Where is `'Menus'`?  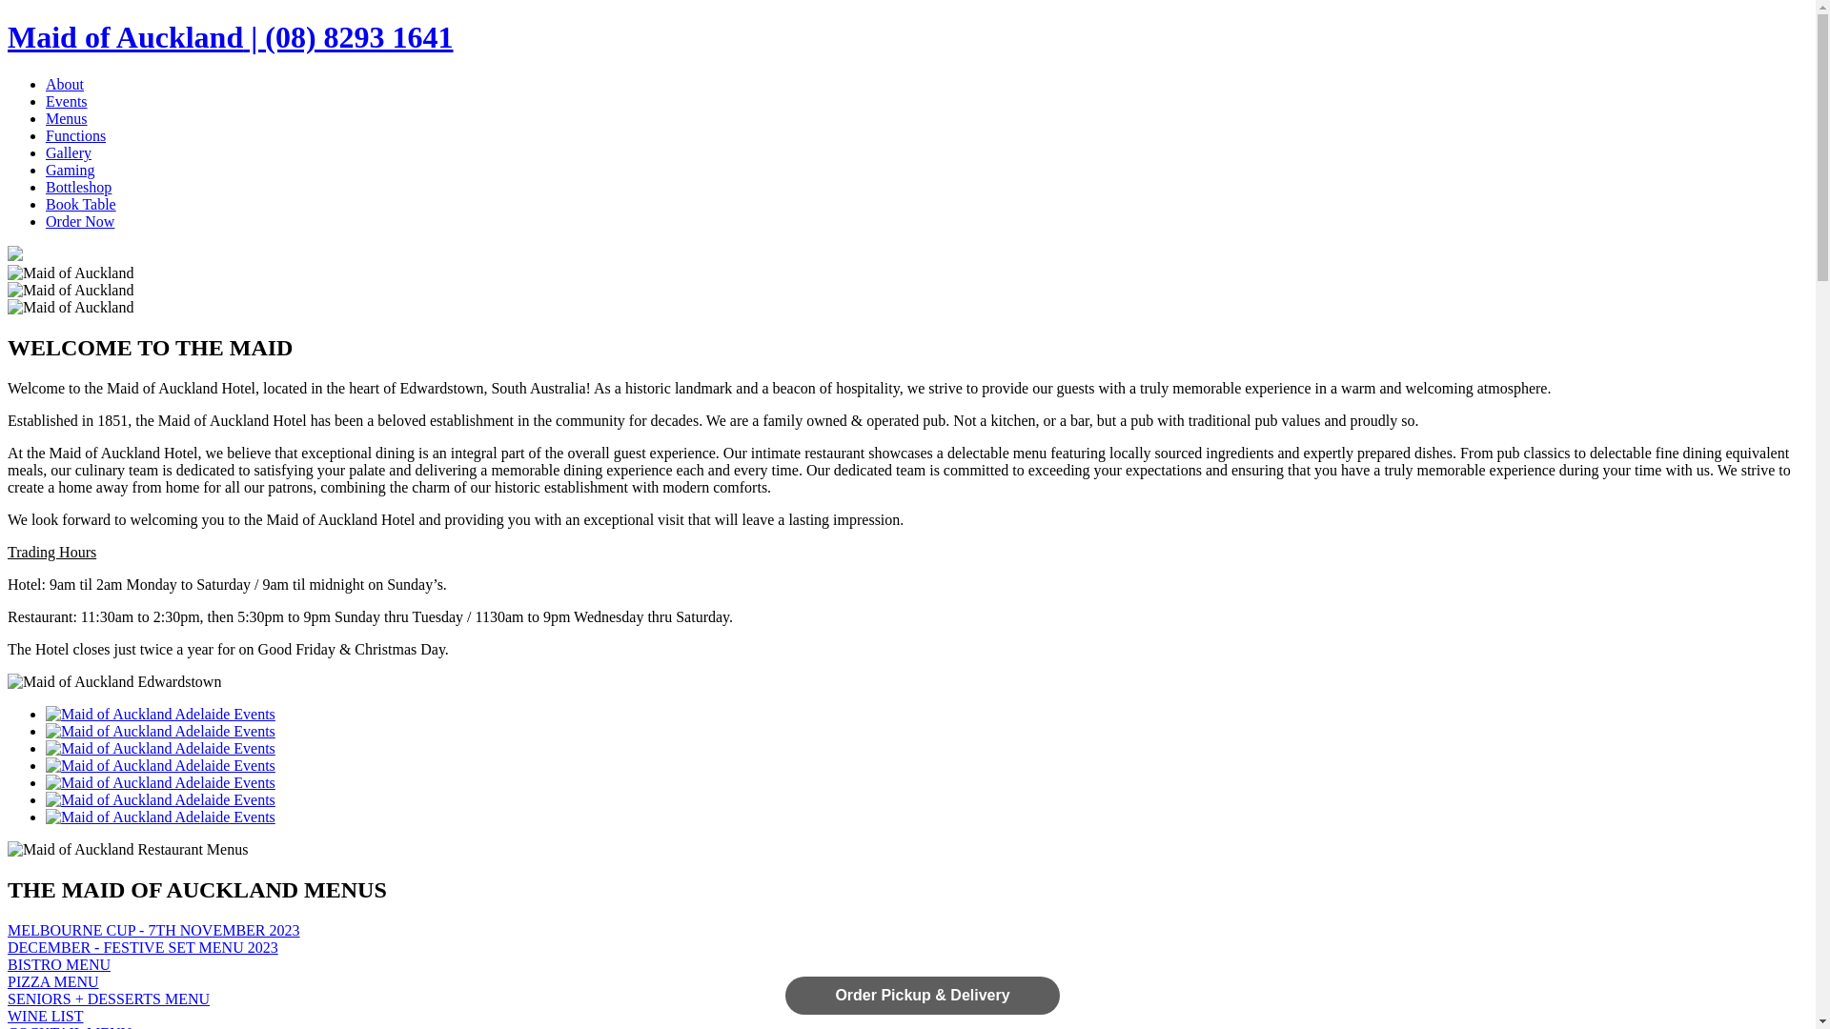
'Menus' is located at coordinates (67, 118).